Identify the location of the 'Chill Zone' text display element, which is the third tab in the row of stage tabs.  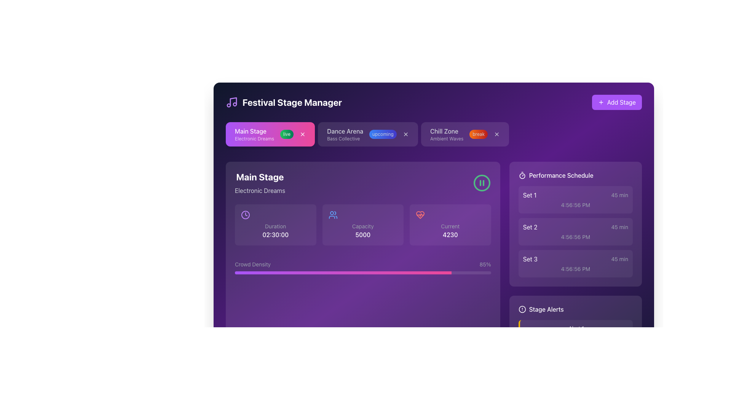
(447, 134).